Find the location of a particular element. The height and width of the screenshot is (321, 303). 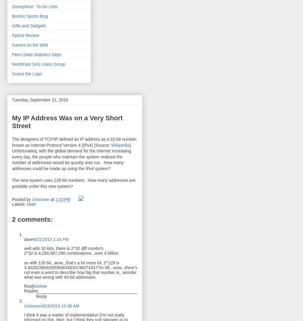

'Wikipedia' is located at coordinates (120, 145).